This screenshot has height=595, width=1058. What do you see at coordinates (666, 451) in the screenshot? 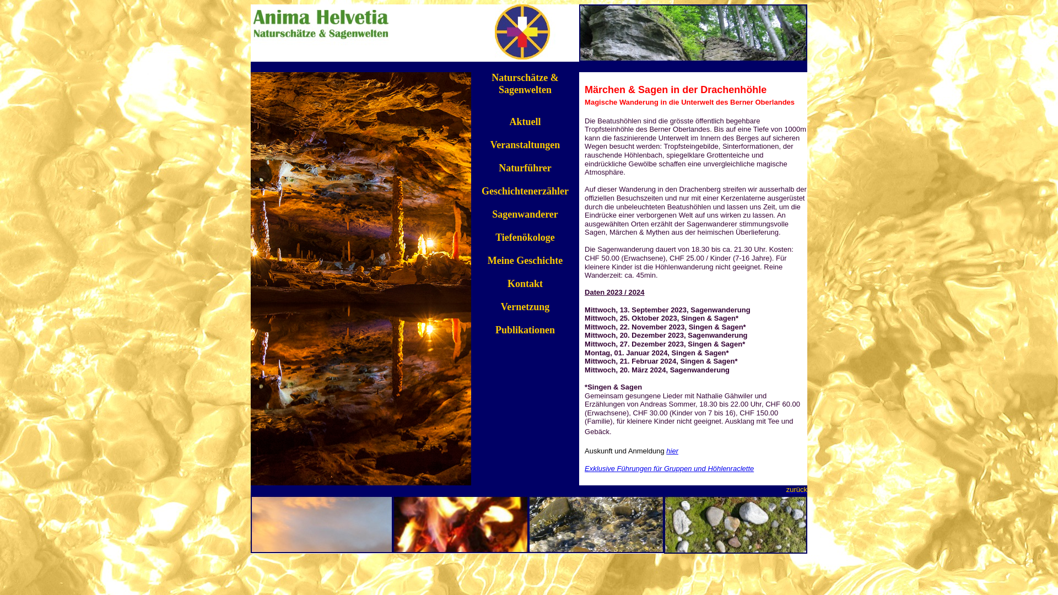
I see `'hier'` at bounding box center [666, 451].